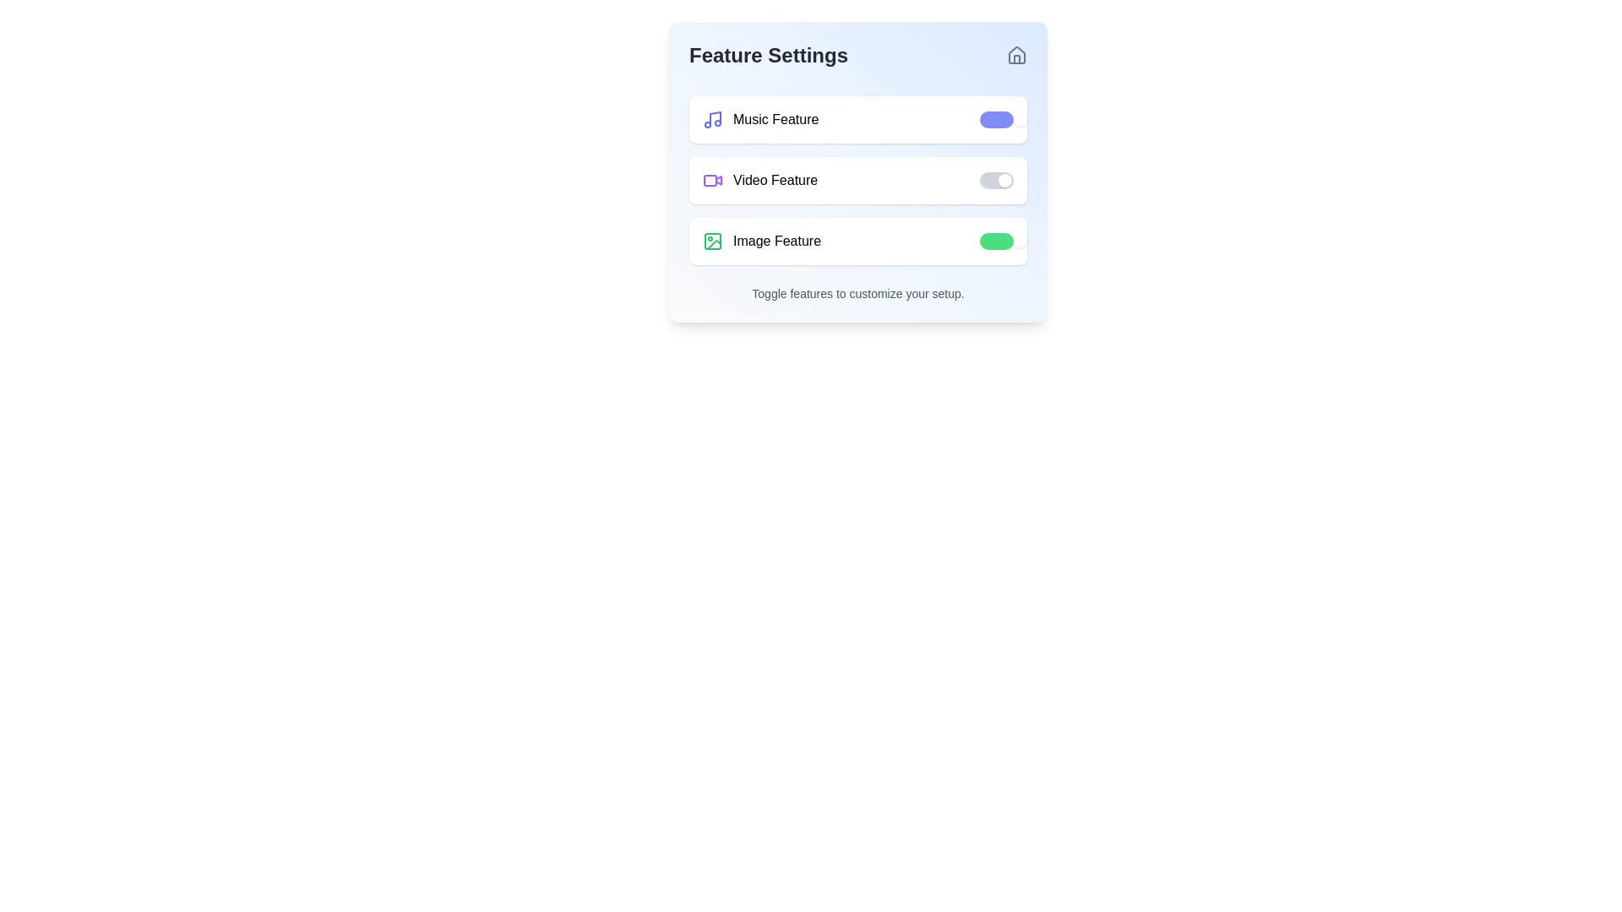 The width and height of the screenshot is (1622, 912). What do you see at coordinates (997, 180) in the screenshot?
I see `the toggle switch located on the right side of the 'Video Feature' row within the 'Feature Settings' section to change its state` at bounding box center [997, 180].